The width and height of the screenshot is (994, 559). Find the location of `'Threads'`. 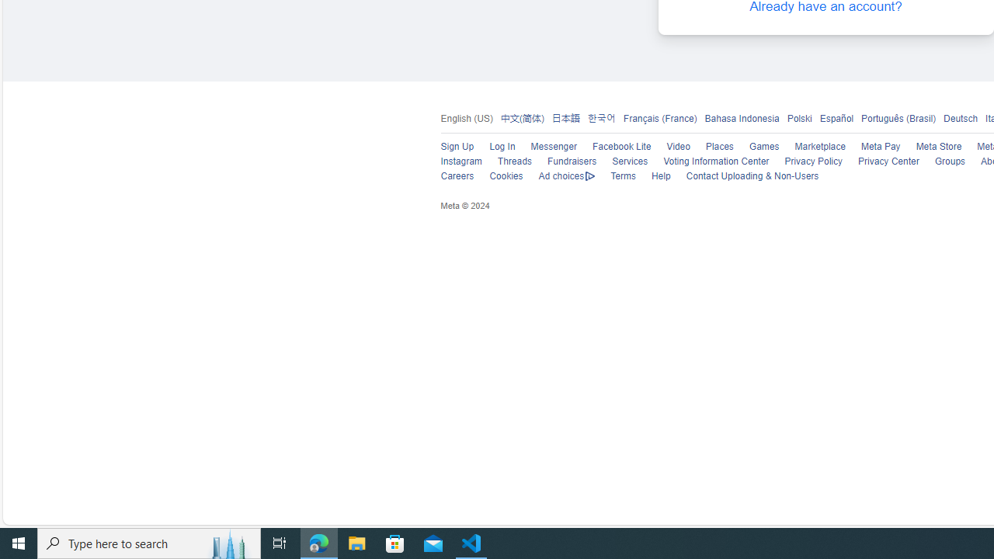

'Threads' is located at coordinates (514, 161).